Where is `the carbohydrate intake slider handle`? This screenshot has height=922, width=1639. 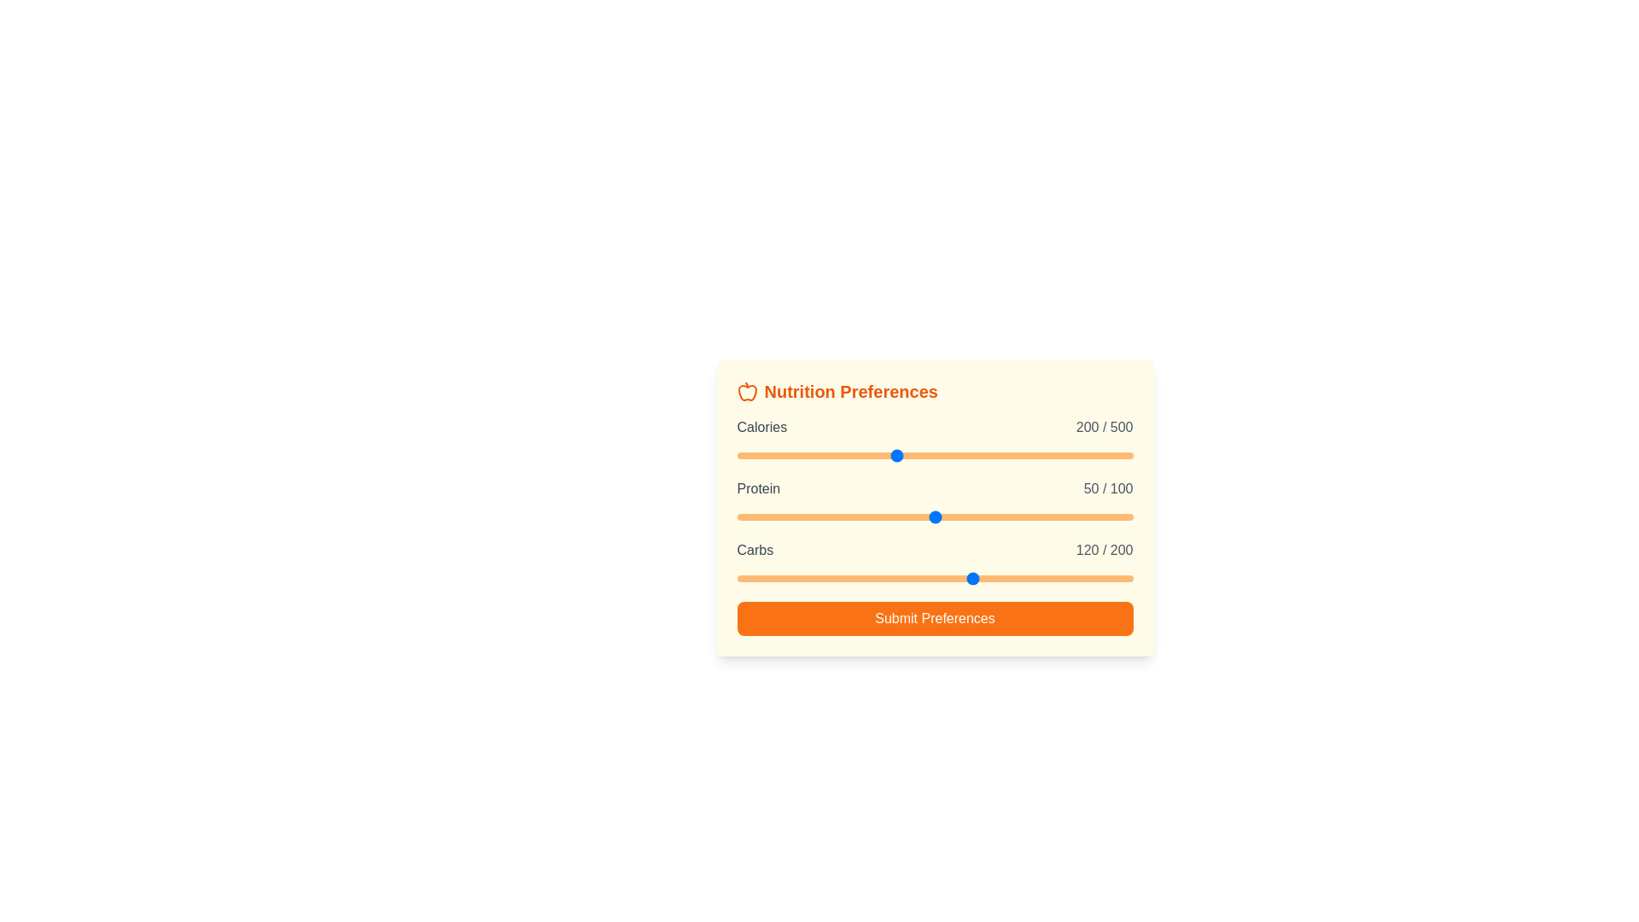
the carbohydrate intake slider handle is located at coordinates (934, 578).